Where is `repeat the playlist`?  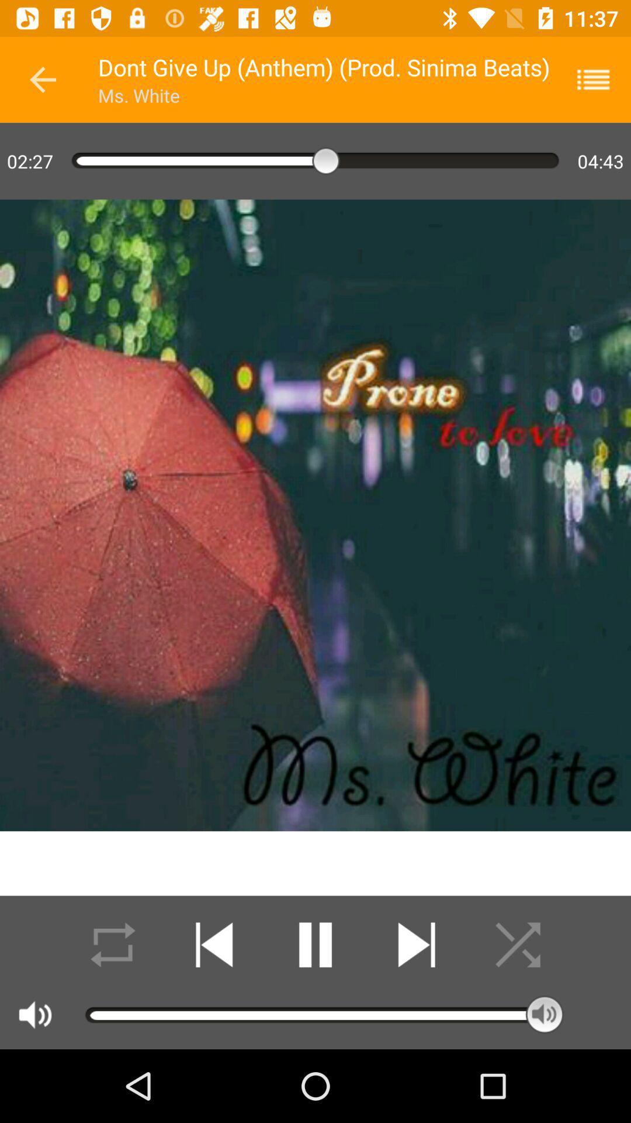 repeat the playlist is located at coordinates (113, 945).